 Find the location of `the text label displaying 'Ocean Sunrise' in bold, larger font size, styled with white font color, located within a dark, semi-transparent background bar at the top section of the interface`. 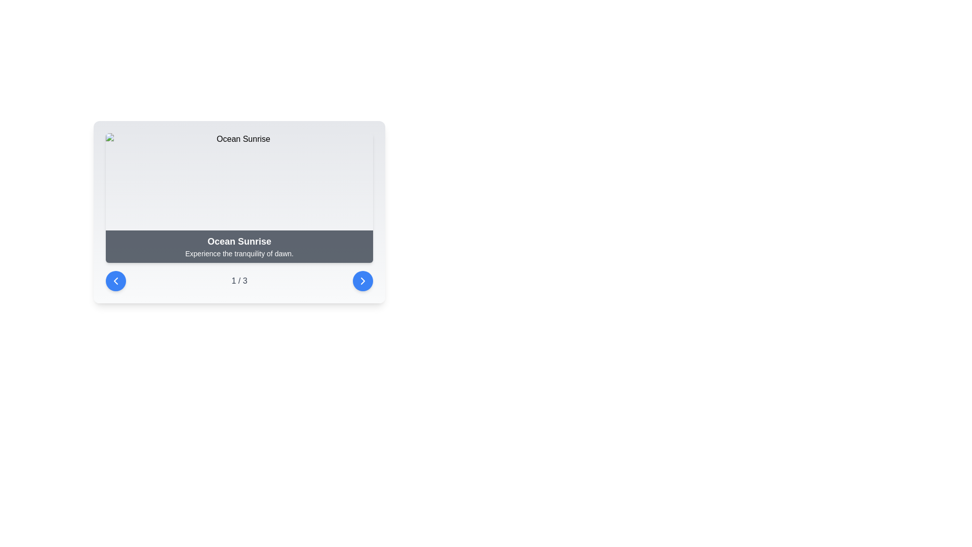

the text label displaying 'Ocean Sunrise' in bold, larger font size, styled with white font color, located within a dark, semi-transparent background bar at the top section of the interface is located at coordinates (239, 242).